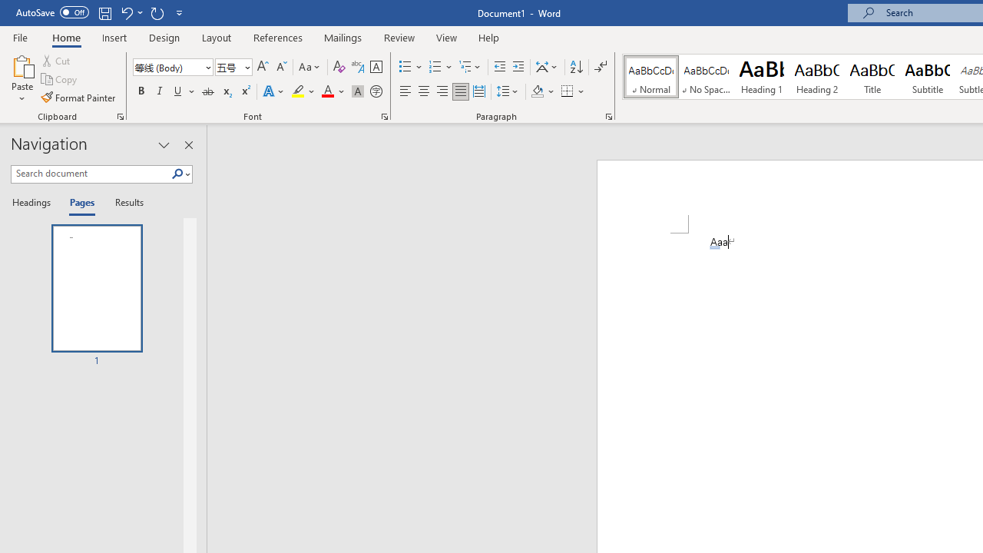 This screenshot has width=983, height=553. I want to click on 'Align Left', so click(405, 91).